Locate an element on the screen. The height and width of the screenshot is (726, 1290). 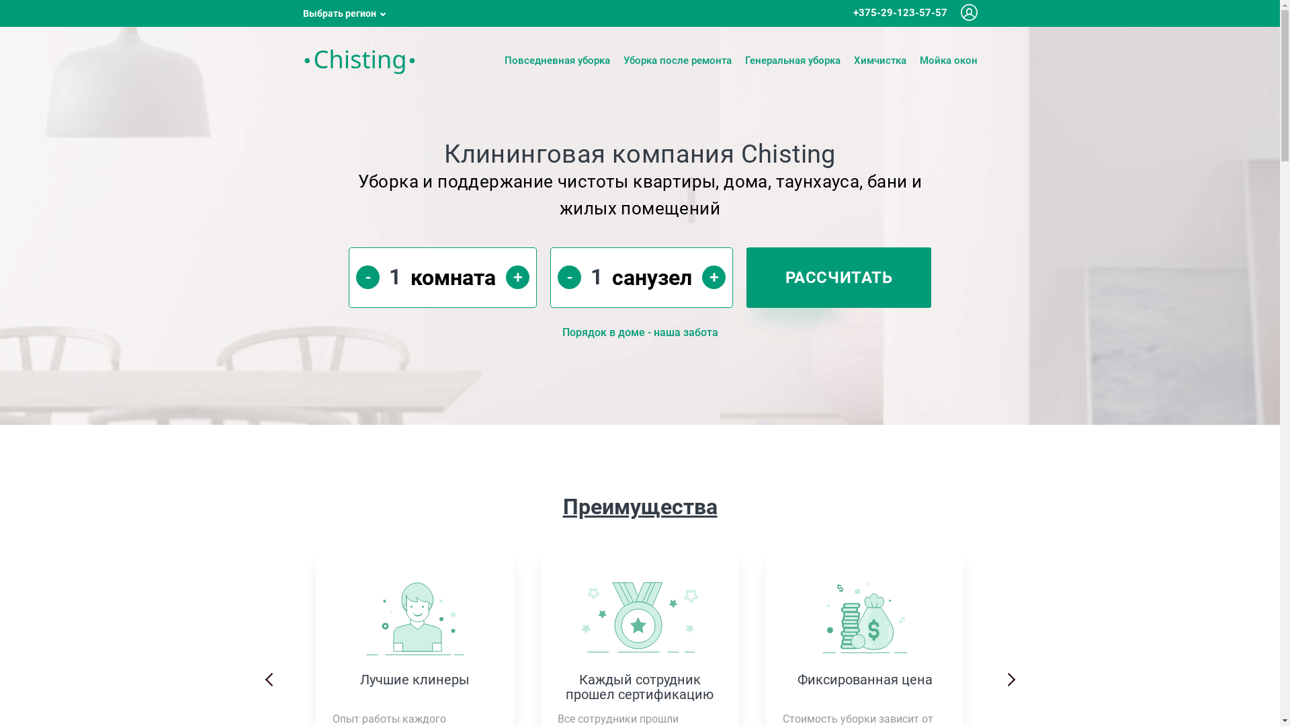
'+' is located at coordinates (701, 276).